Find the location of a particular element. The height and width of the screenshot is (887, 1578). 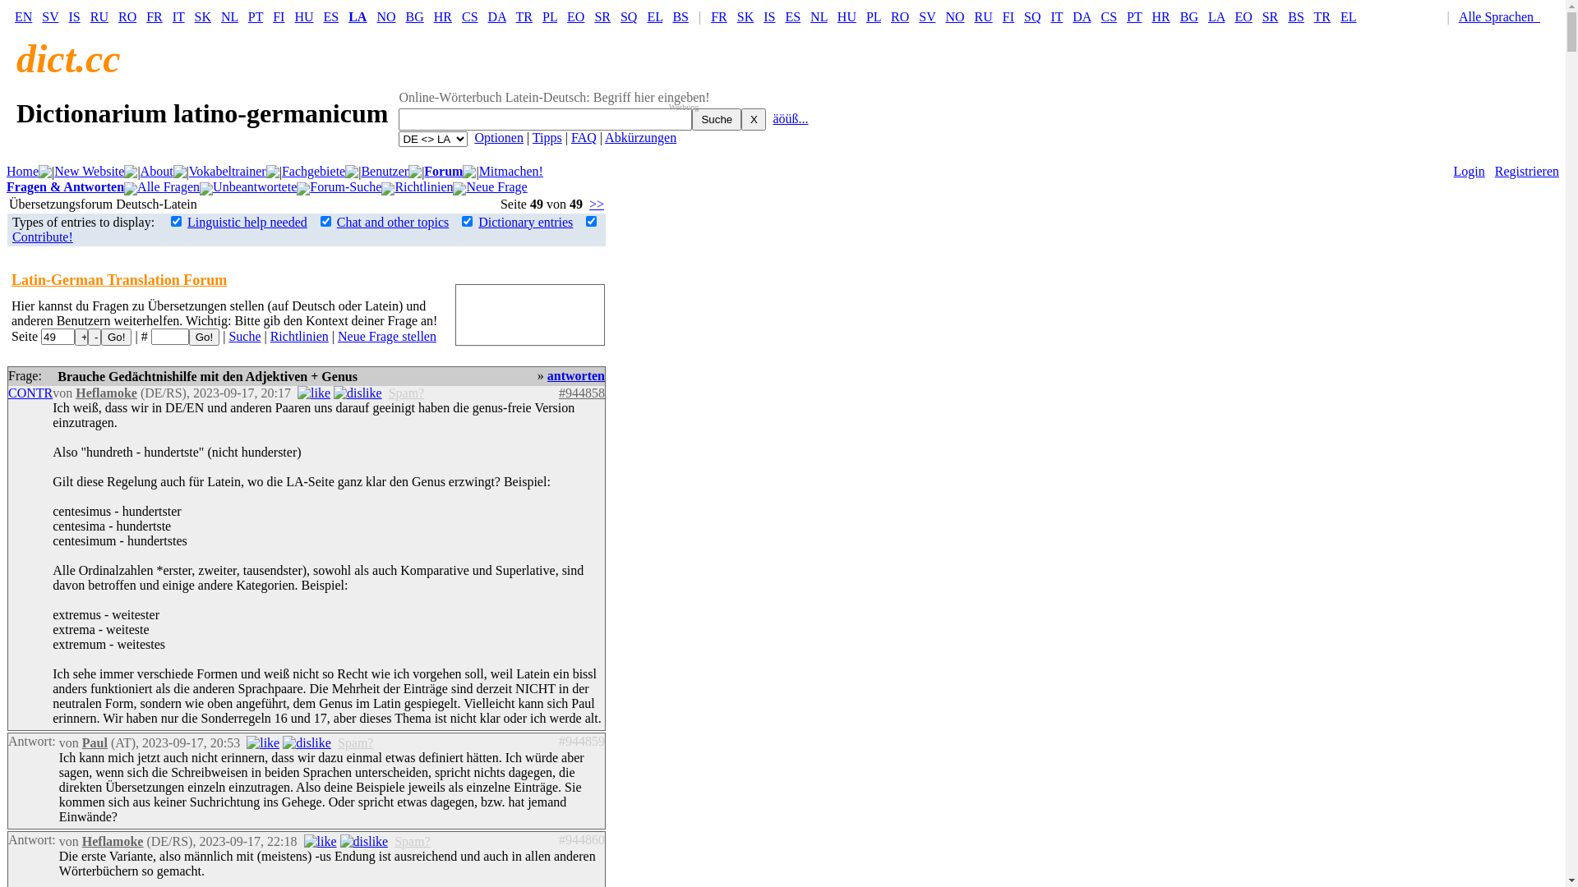

'HR' is located at coordinates (442, 16).